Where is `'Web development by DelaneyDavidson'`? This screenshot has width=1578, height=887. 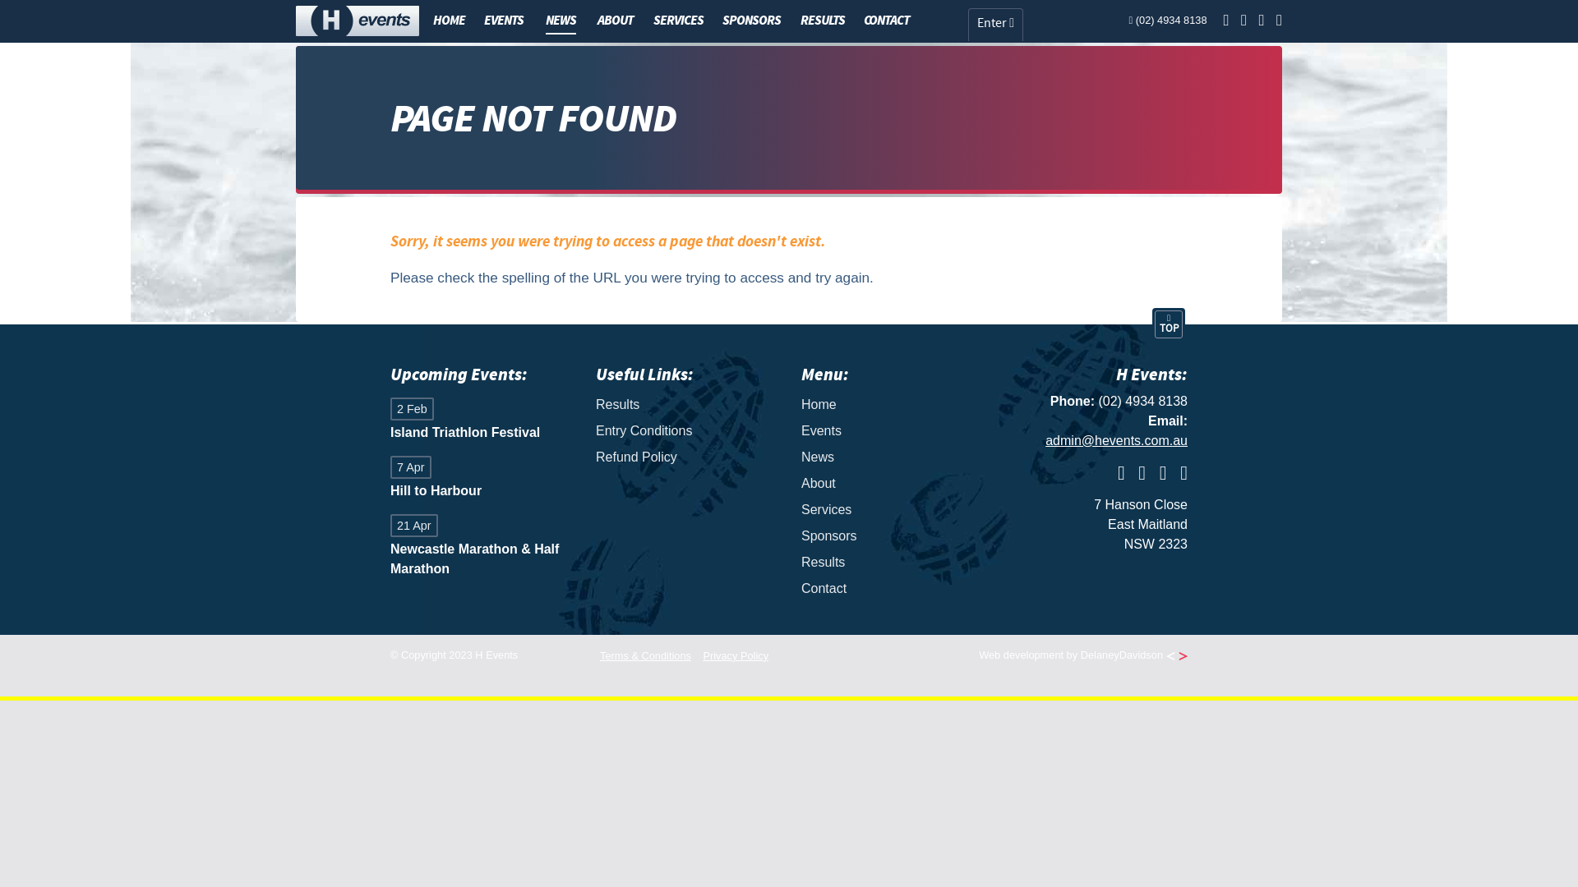
'Web development by DelaneyDavidson' is located at coordinates (1083, 655).